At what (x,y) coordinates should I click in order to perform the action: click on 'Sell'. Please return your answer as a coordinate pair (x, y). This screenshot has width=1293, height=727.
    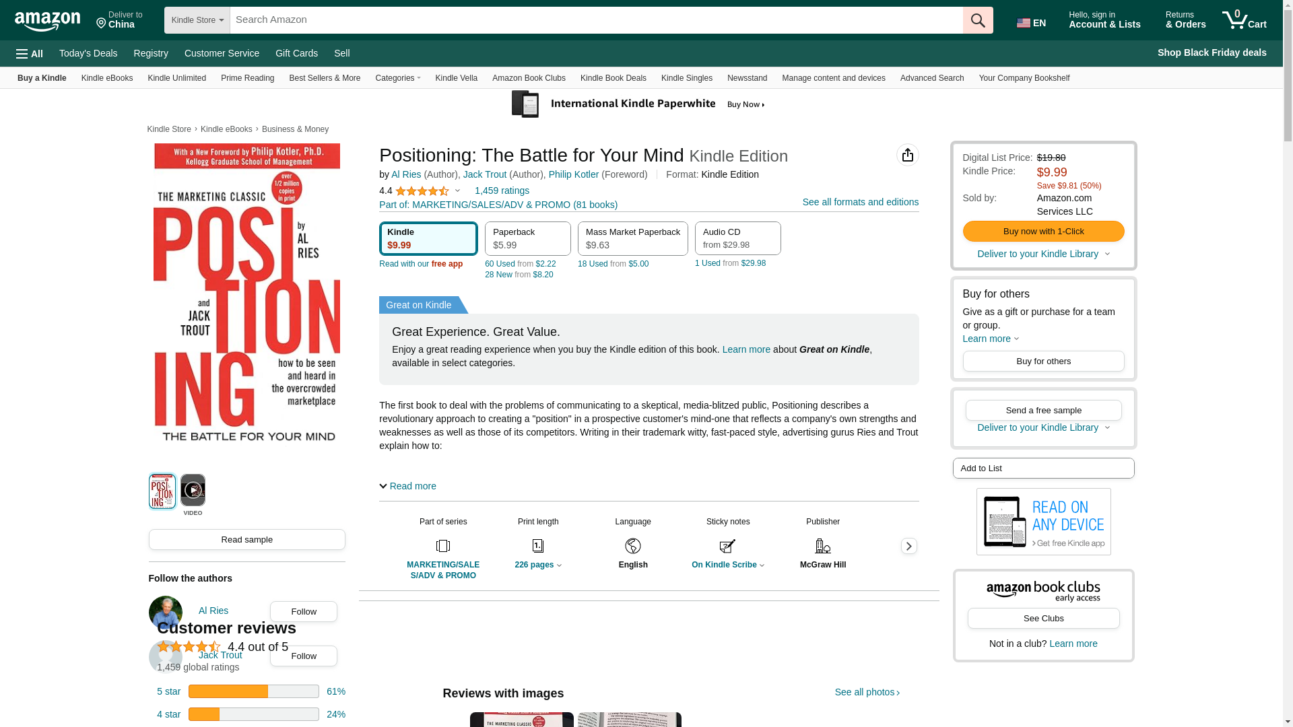
    Looking at the image, I should click on (326, 52).